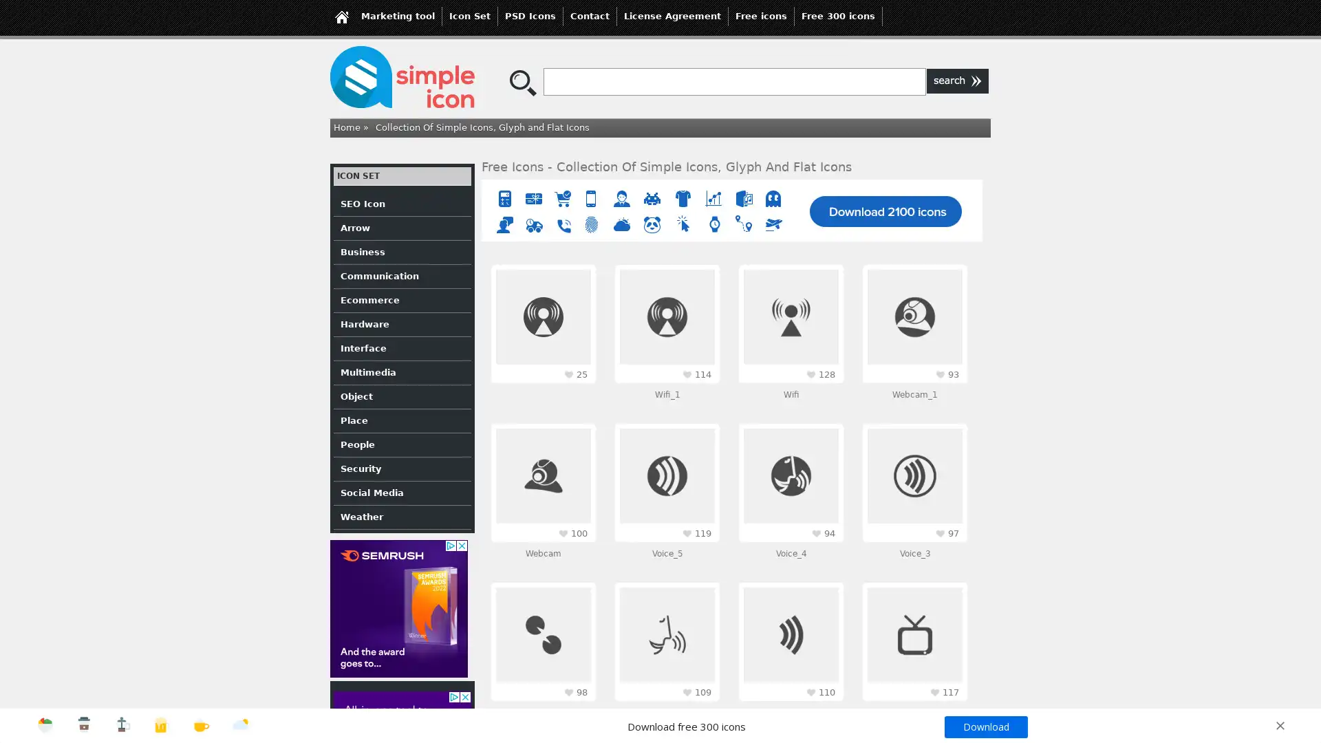 This screenshot has height=743, width=1321. What do you see at coordinates (957, 81) in the screenshot?
I see `Search` at bounding box center [957, 81].